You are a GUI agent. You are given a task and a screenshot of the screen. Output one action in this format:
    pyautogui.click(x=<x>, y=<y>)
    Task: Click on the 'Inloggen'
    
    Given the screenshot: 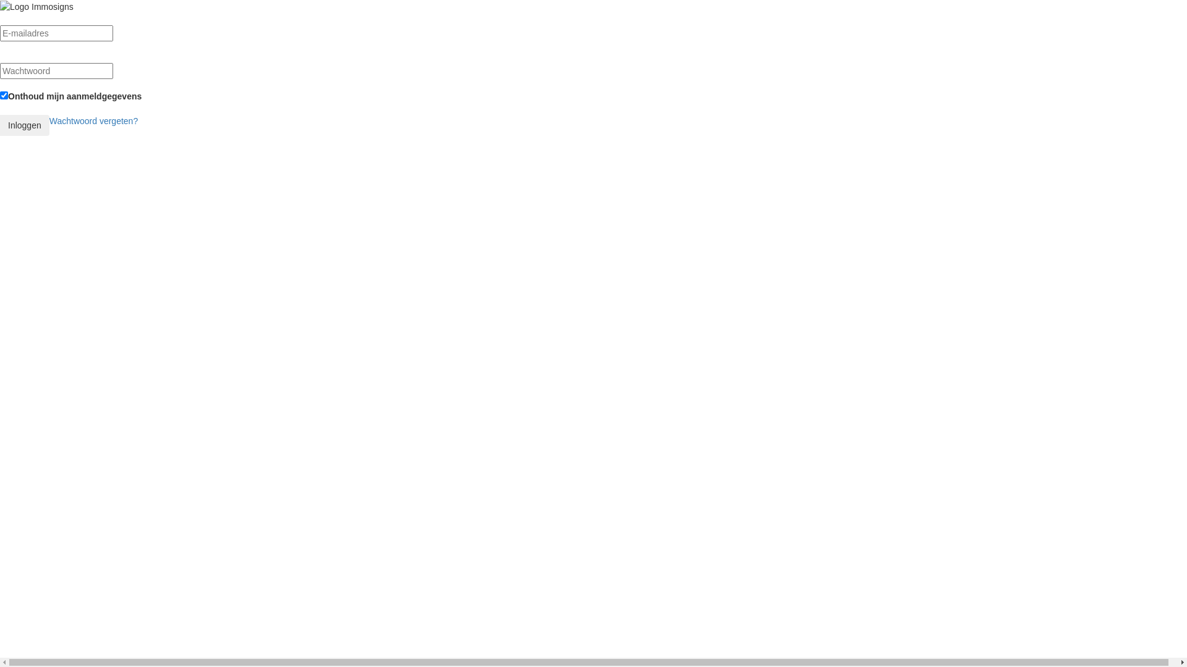 What is the action you would take?
    pyautogui.click(x=24, y=125)
    